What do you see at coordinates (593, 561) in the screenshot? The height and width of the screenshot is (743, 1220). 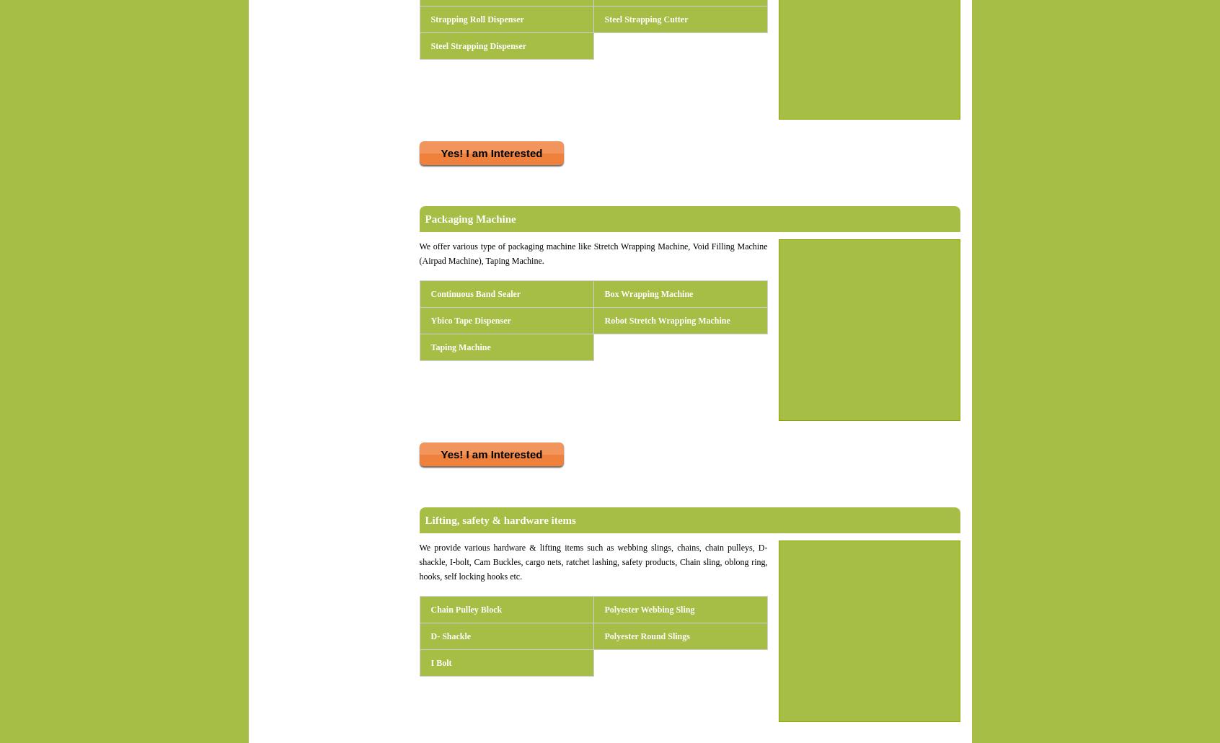 I see `'We provide various hardware & lifting items such as webbing slings, chains, chain pulleys, D-shackle, I-bolt, Cam Buckles, cargo nets, ratchet lashing, safety products, Chain sling, oblong ring, hooks, self locking hooks etc.'` at bounding box center [593, 561].